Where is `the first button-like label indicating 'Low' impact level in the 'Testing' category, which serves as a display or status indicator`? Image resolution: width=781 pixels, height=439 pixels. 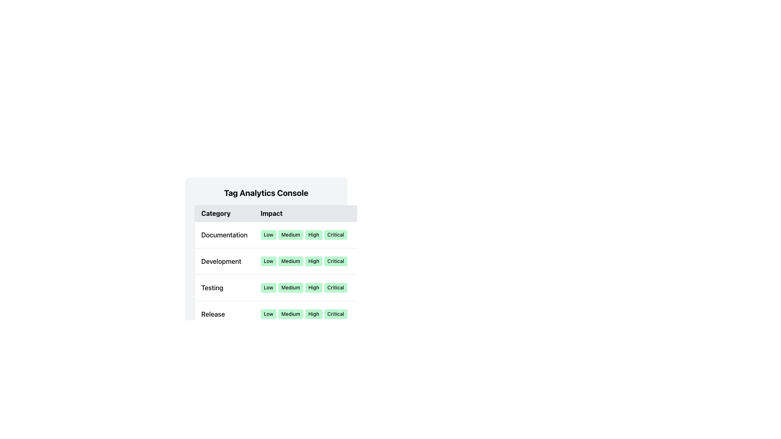
the first button-like label indicating 'Low' impact level in the 'Testing' category, which serves as a display or status indicator is located at coordinates (268, 287).